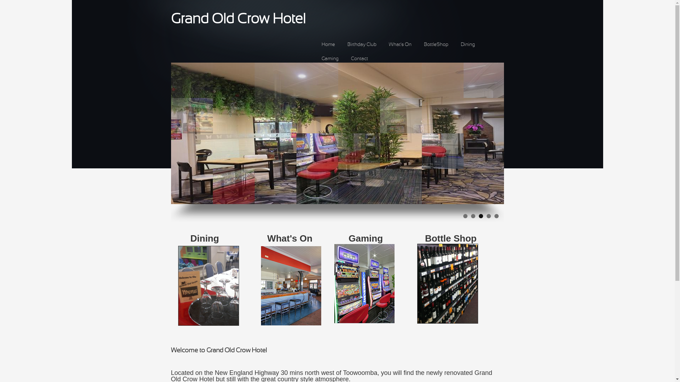 The height and width of the screenshot is (382, 680). Describe the element at coordinates (317, 45) in the screenshot. I see `'Home'` at that location.